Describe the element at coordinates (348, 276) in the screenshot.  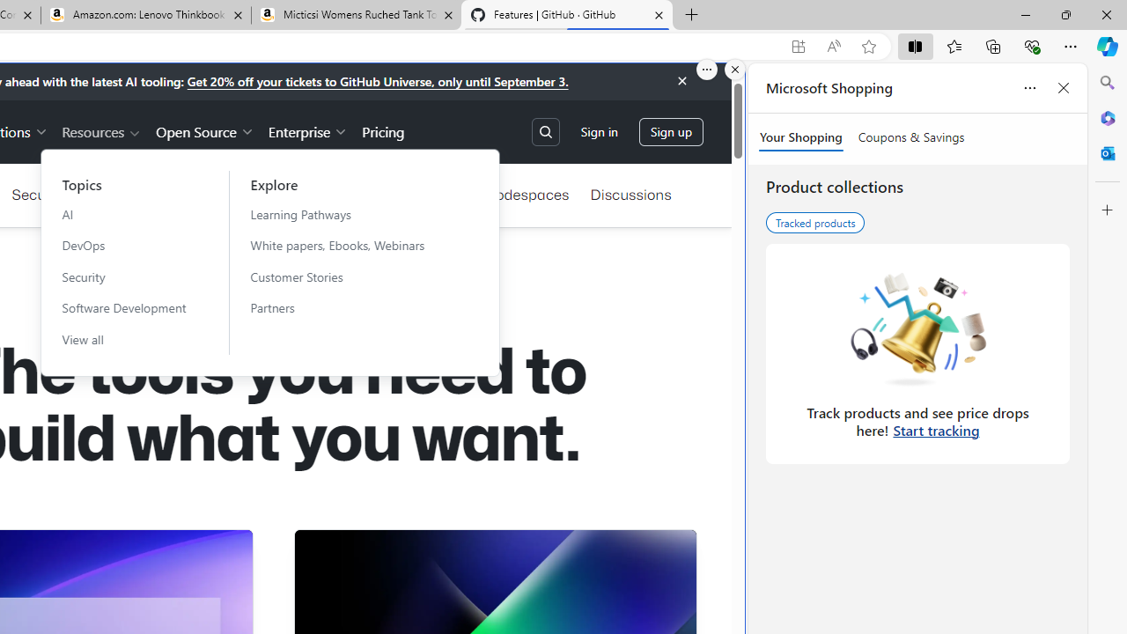
I see `'Customer Stories'` at that location.